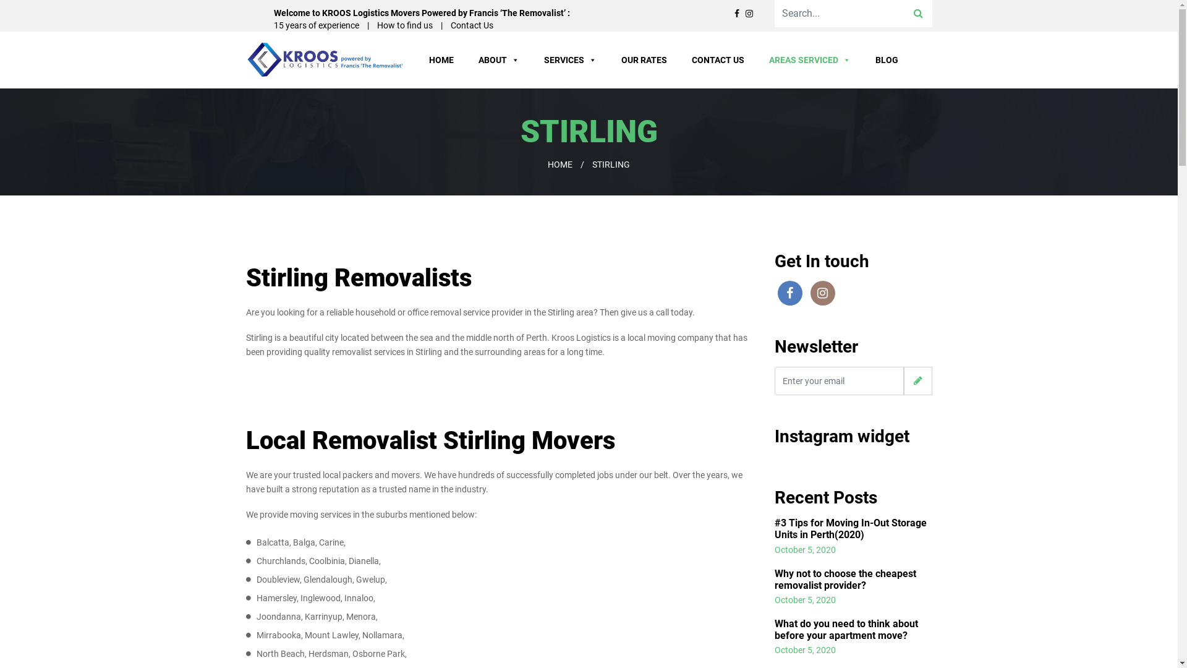 The height and width of the screenshot is (668, 1187). I want to click on 'What do you need to think about before your apartment move?', so click(845, 630).